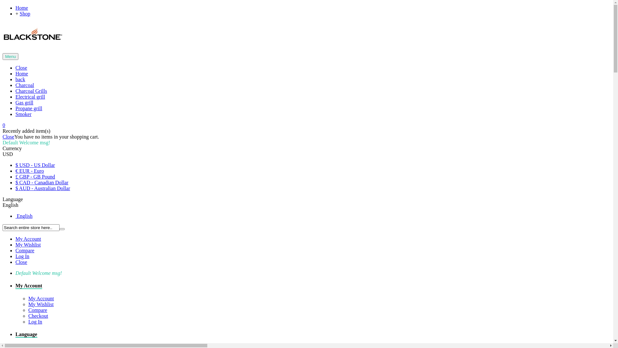  Describe the element at coordinates (24, 85) in the screenshot. I see `'Charcoal'` at that location.